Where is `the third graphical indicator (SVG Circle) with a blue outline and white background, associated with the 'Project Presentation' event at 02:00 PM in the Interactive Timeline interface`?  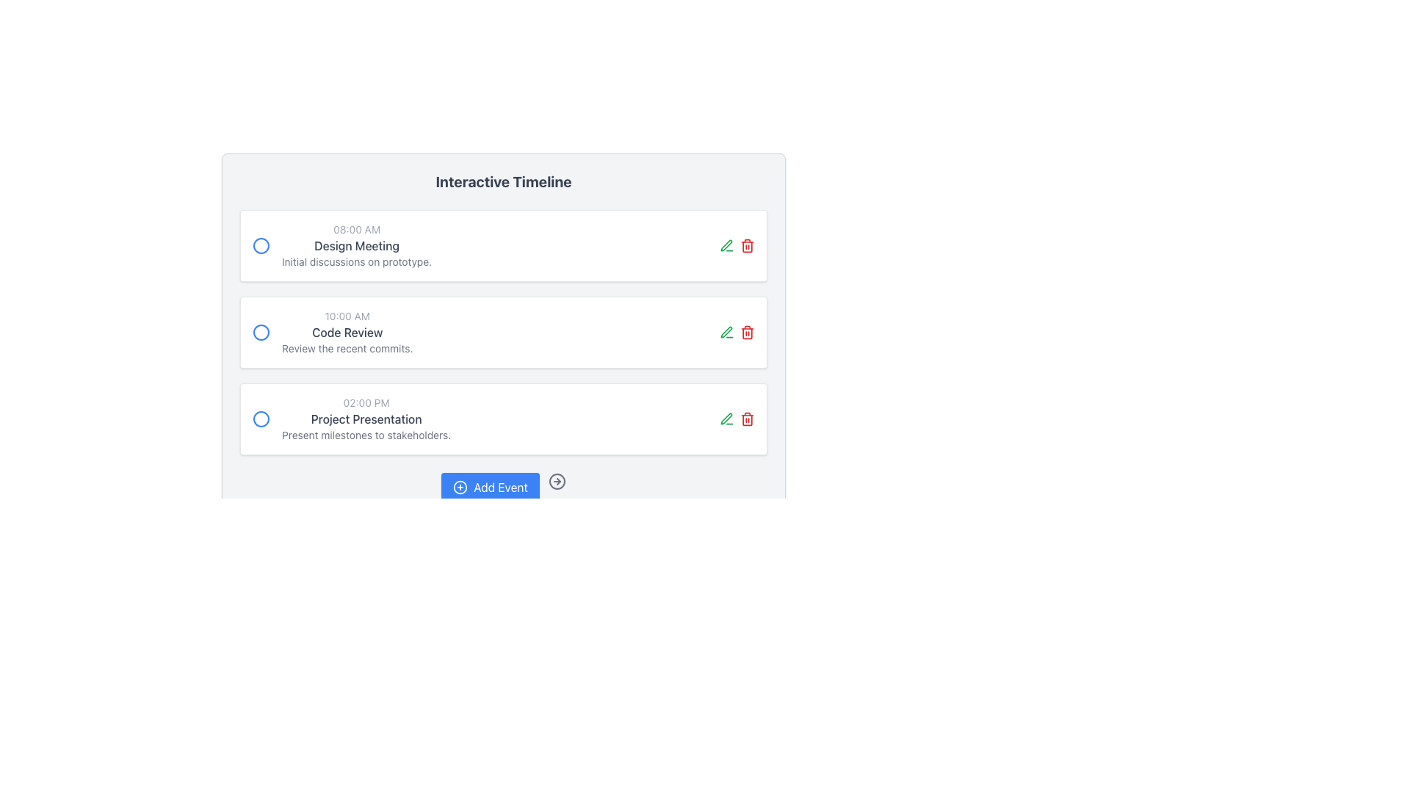
the third graphical indicator (SVG Circle) with a blue outline and white background, associated with the 'Project Presentation' event at 02:00 PM in the Interactive Timeline interface is located at coordinates (261, 419).